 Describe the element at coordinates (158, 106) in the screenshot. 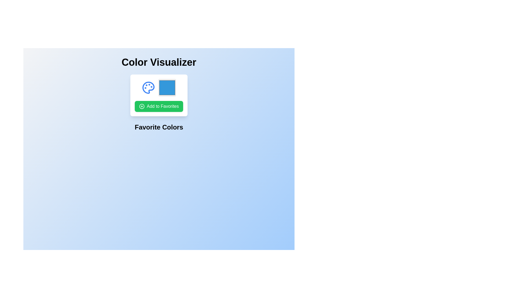

I see `the button that allows users to add the currently selected color or item to their favorites list, which is located beneath the palette icon and above the label 'Favorite Colors'` at that location.